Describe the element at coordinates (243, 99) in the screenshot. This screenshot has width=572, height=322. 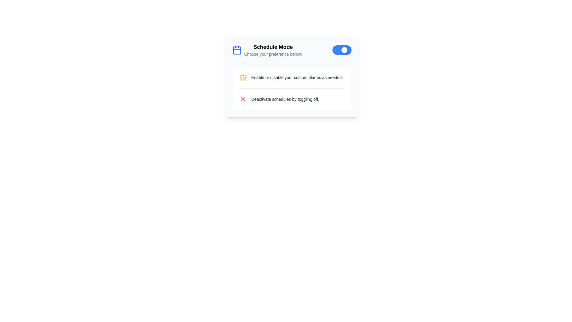
I see `the close or cancel icon located on the right-hand side of the 'Deactivate schedules by toggling off.' text to indicate negation` at that location.